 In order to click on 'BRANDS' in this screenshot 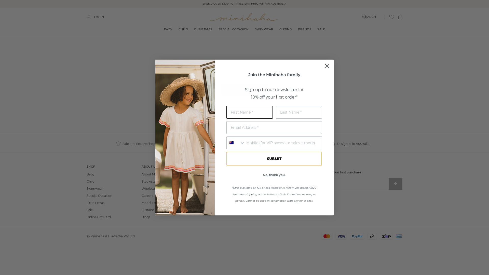, I will do `click(304, 29)`.